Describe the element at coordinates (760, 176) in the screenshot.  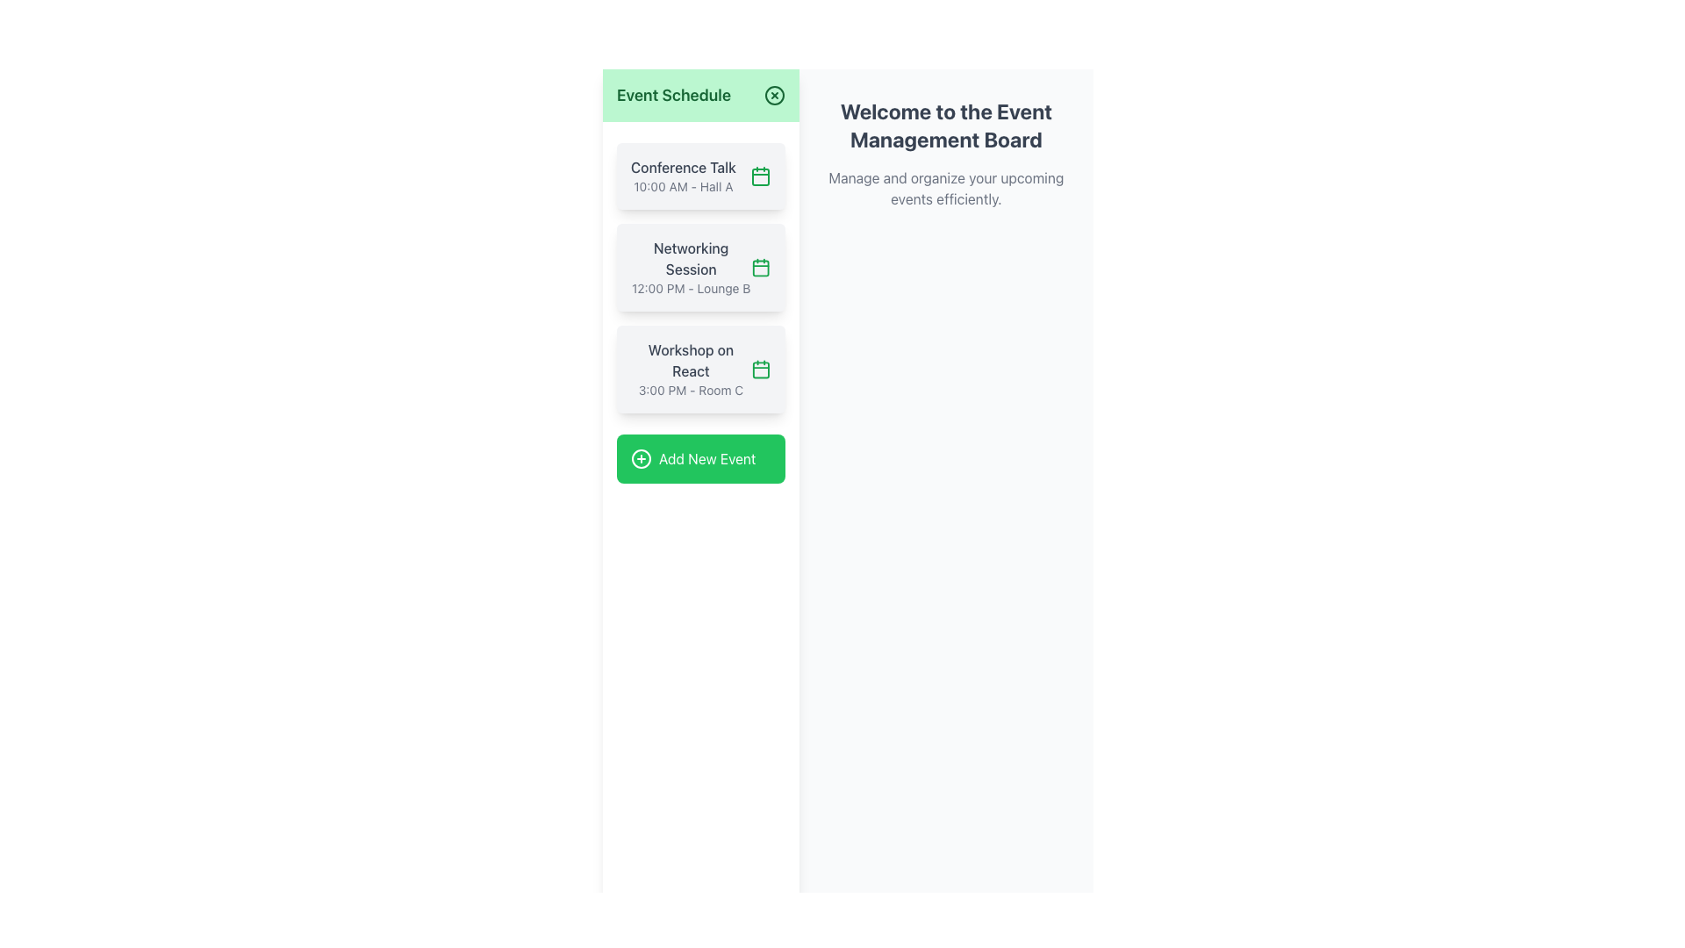
I see `the decorative component of the calendar icon next to the event titled 'Conference Talk' in the event schedule list on the left panel` at that location.